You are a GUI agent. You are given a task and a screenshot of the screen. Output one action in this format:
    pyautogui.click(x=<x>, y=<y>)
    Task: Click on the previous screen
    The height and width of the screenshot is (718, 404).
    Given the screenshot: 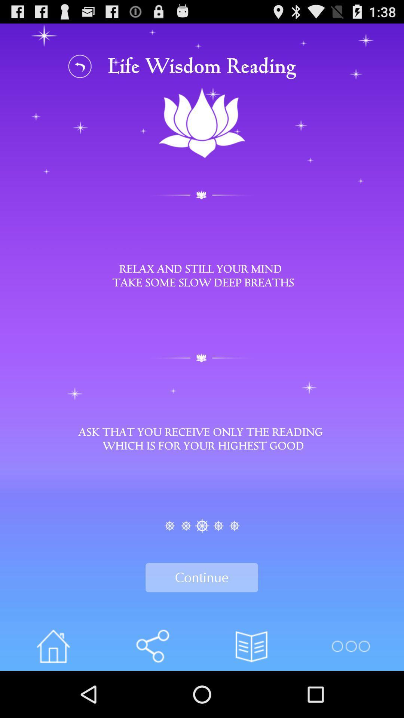 What is the action you would take?
    pyautogui.click(x=80, y=66)
    